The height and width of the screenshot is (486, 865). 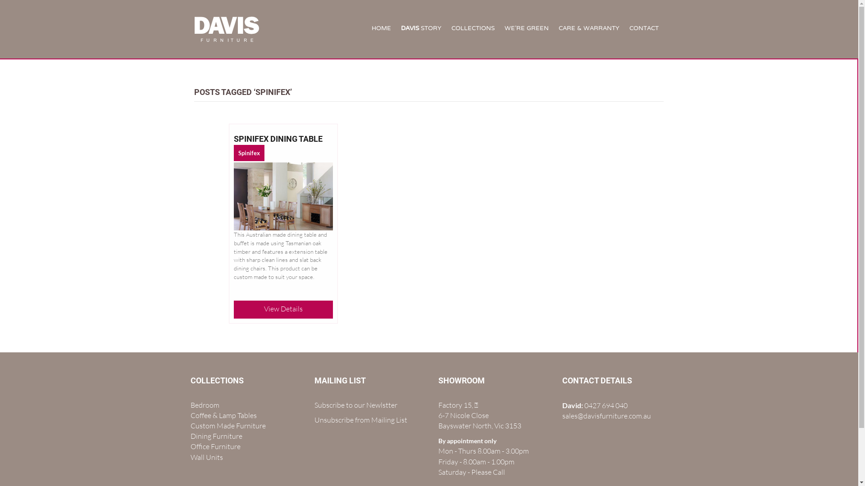 What do you see at coordinates (473, 29) in the screenshot?
I see `'COLLECTIONS'` at bounding box center [473, 29].